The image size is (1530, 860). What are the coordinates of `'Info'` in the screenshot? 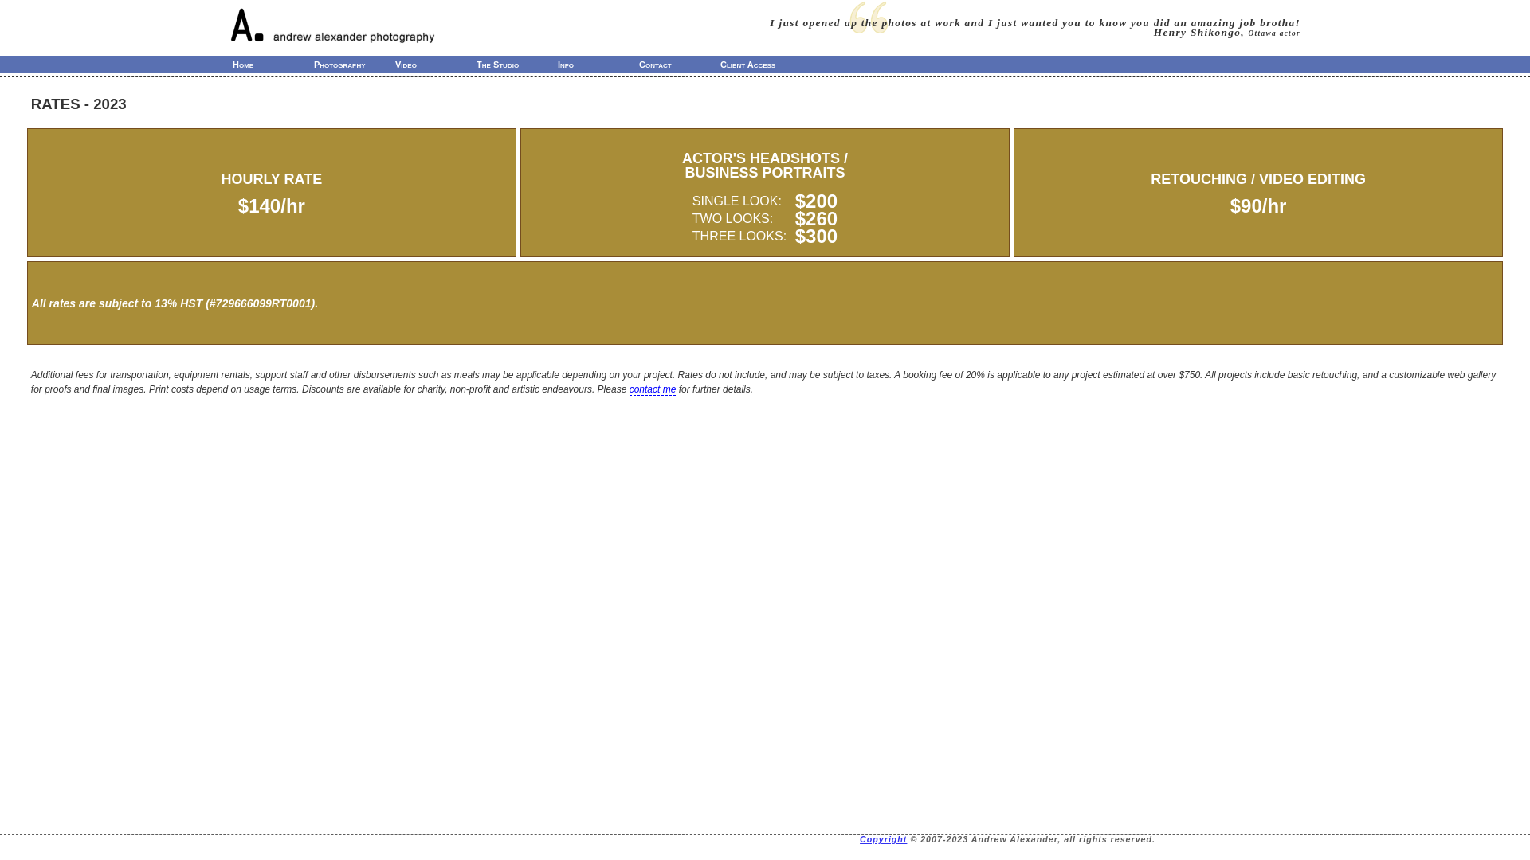 It's located at (597, 64).